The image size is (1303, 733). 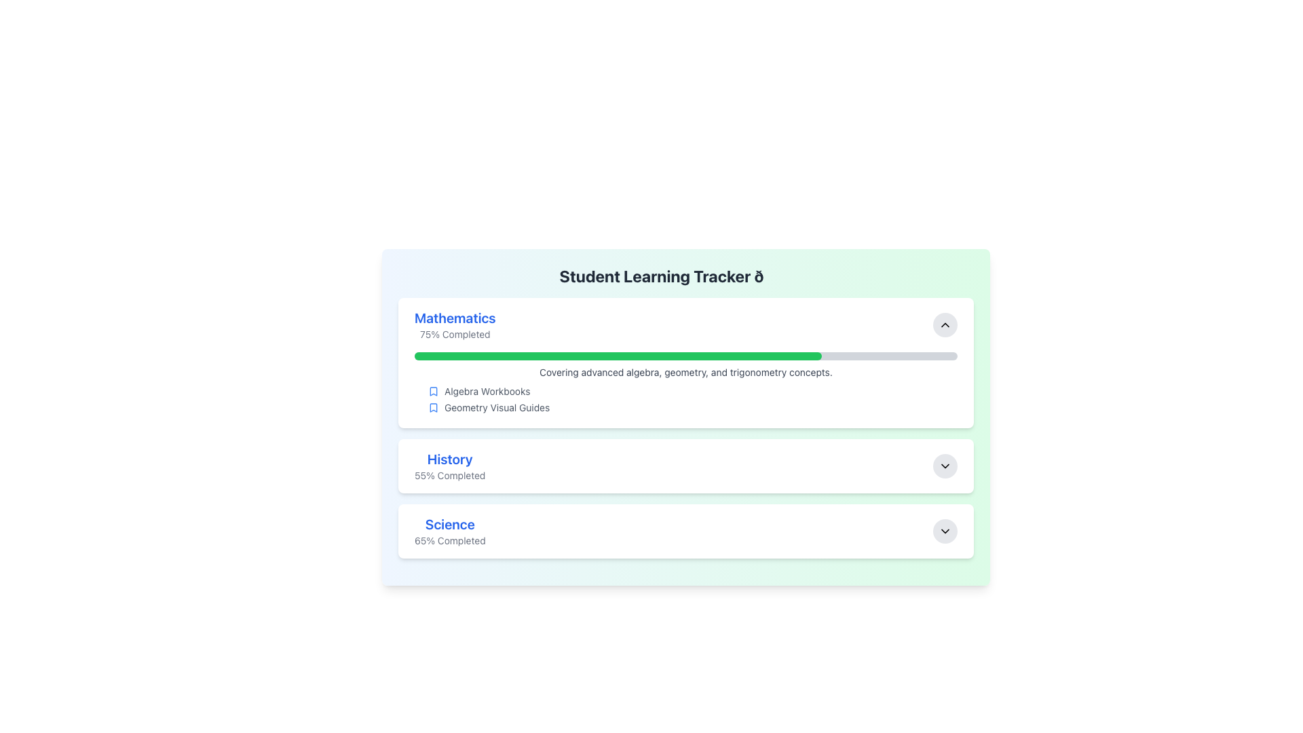 I want to click on the text-based informational label displaying 'Mathematics' with the status '75% Completed', located in the top section of a segmented list, so click(x=455, y=324).